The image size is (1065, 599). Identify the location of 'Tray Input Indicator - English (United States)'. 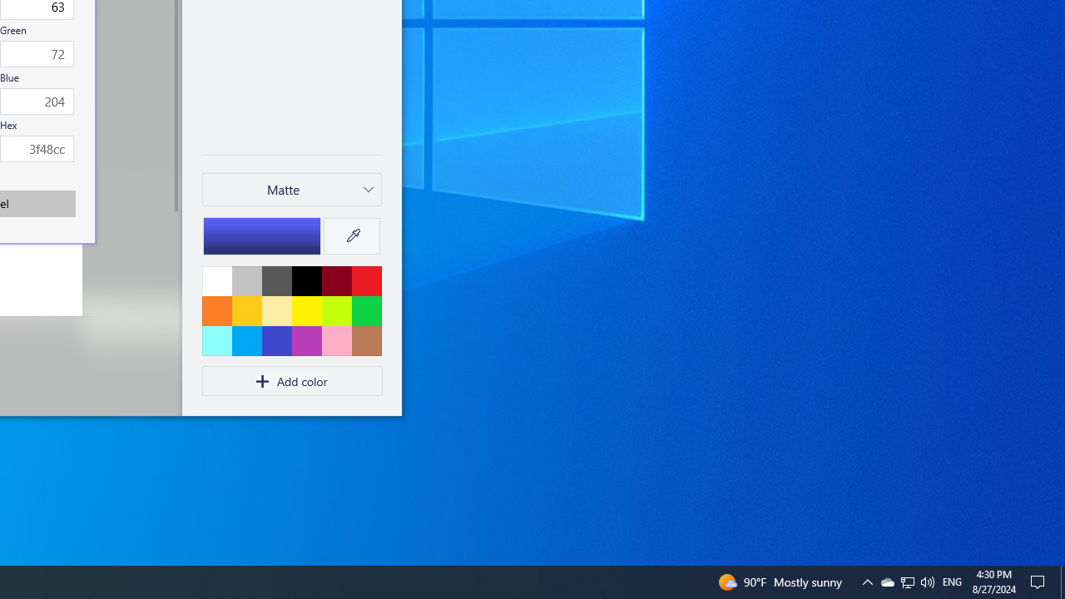
(952, 581).